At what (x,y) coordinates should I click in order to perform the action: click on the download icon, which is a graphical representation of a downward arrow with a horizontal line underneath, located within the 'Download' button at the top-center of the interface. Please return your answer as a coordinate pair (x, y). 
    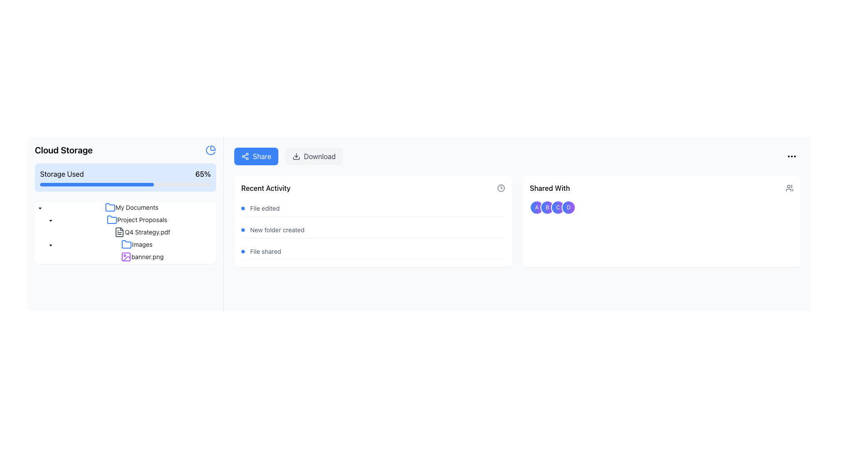
    Looking at the image, I should click on (296, 156).